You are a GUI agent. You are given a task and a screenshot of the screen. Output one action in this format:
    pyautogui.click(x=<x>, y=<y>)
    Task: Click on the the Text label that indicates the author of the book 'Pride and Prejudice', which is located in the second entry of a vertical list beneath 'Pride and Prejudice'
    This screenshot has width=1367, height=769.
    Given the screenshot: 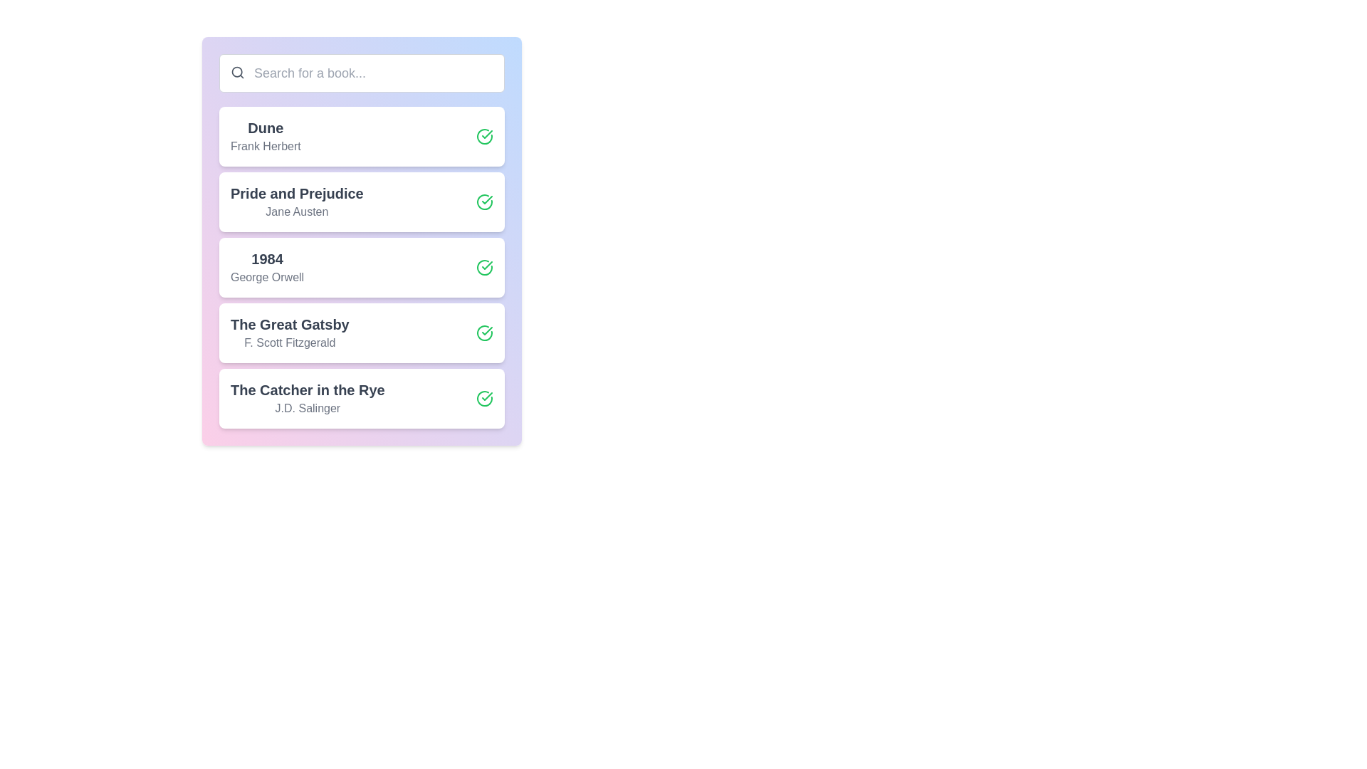 What is the action you would take?
    pyautogui.click(x=296, y=211)
    